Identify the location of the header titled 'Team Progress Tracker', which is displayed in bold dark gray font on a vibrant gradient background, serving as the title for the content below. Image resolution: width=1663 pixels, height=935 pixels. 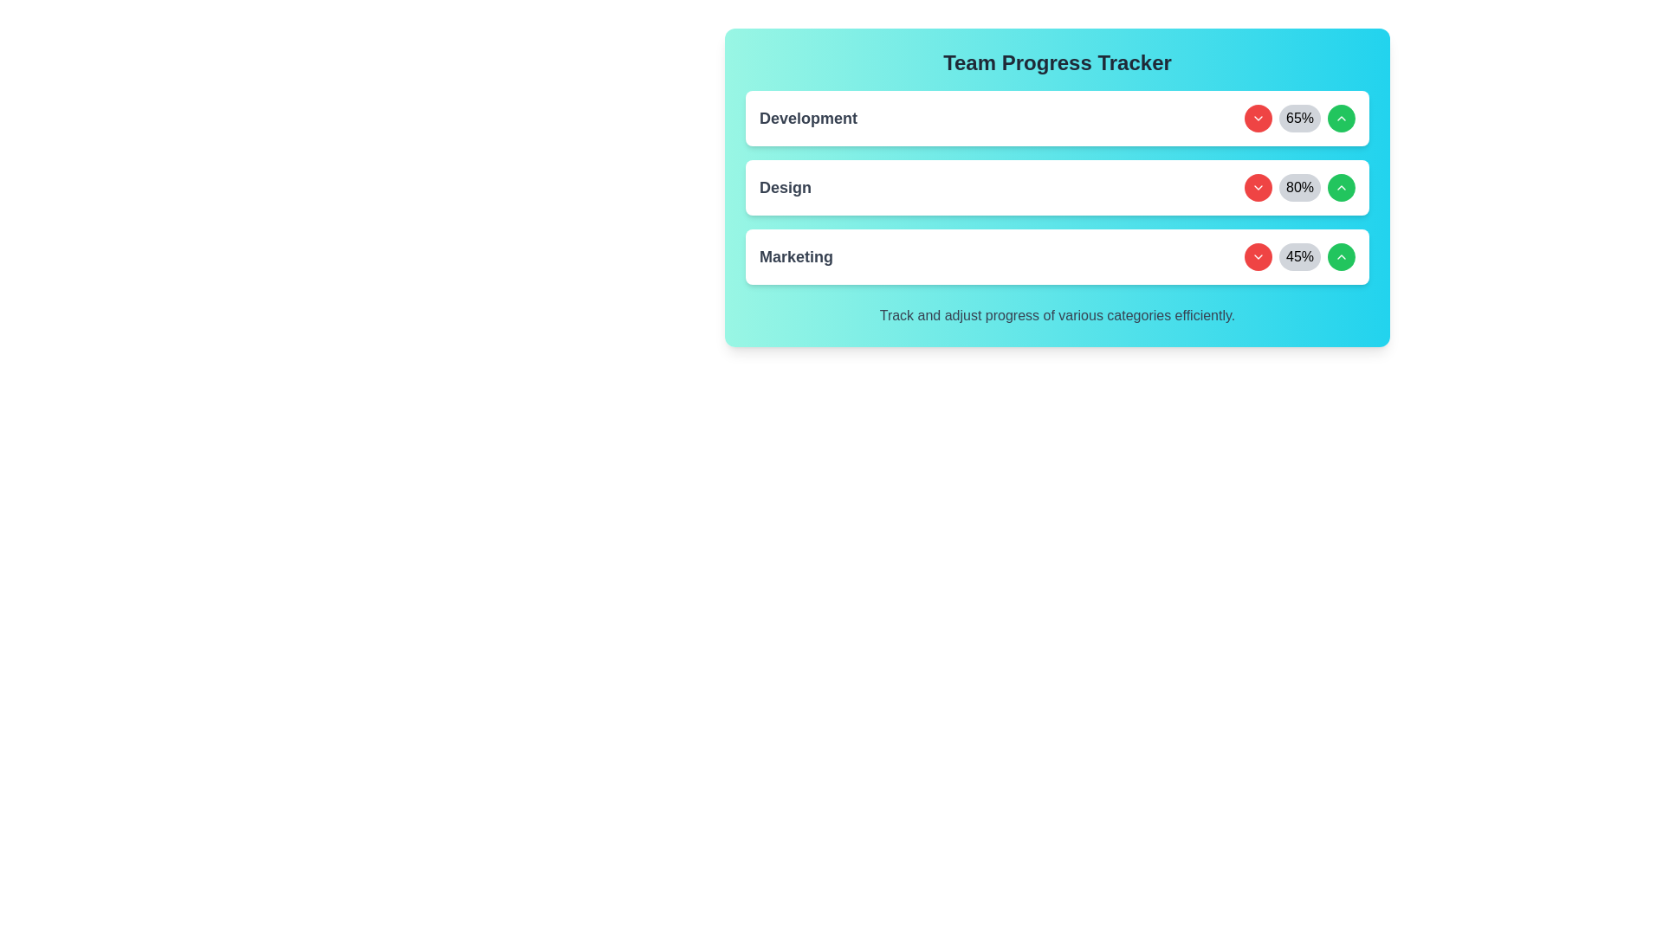
(1056, 62).